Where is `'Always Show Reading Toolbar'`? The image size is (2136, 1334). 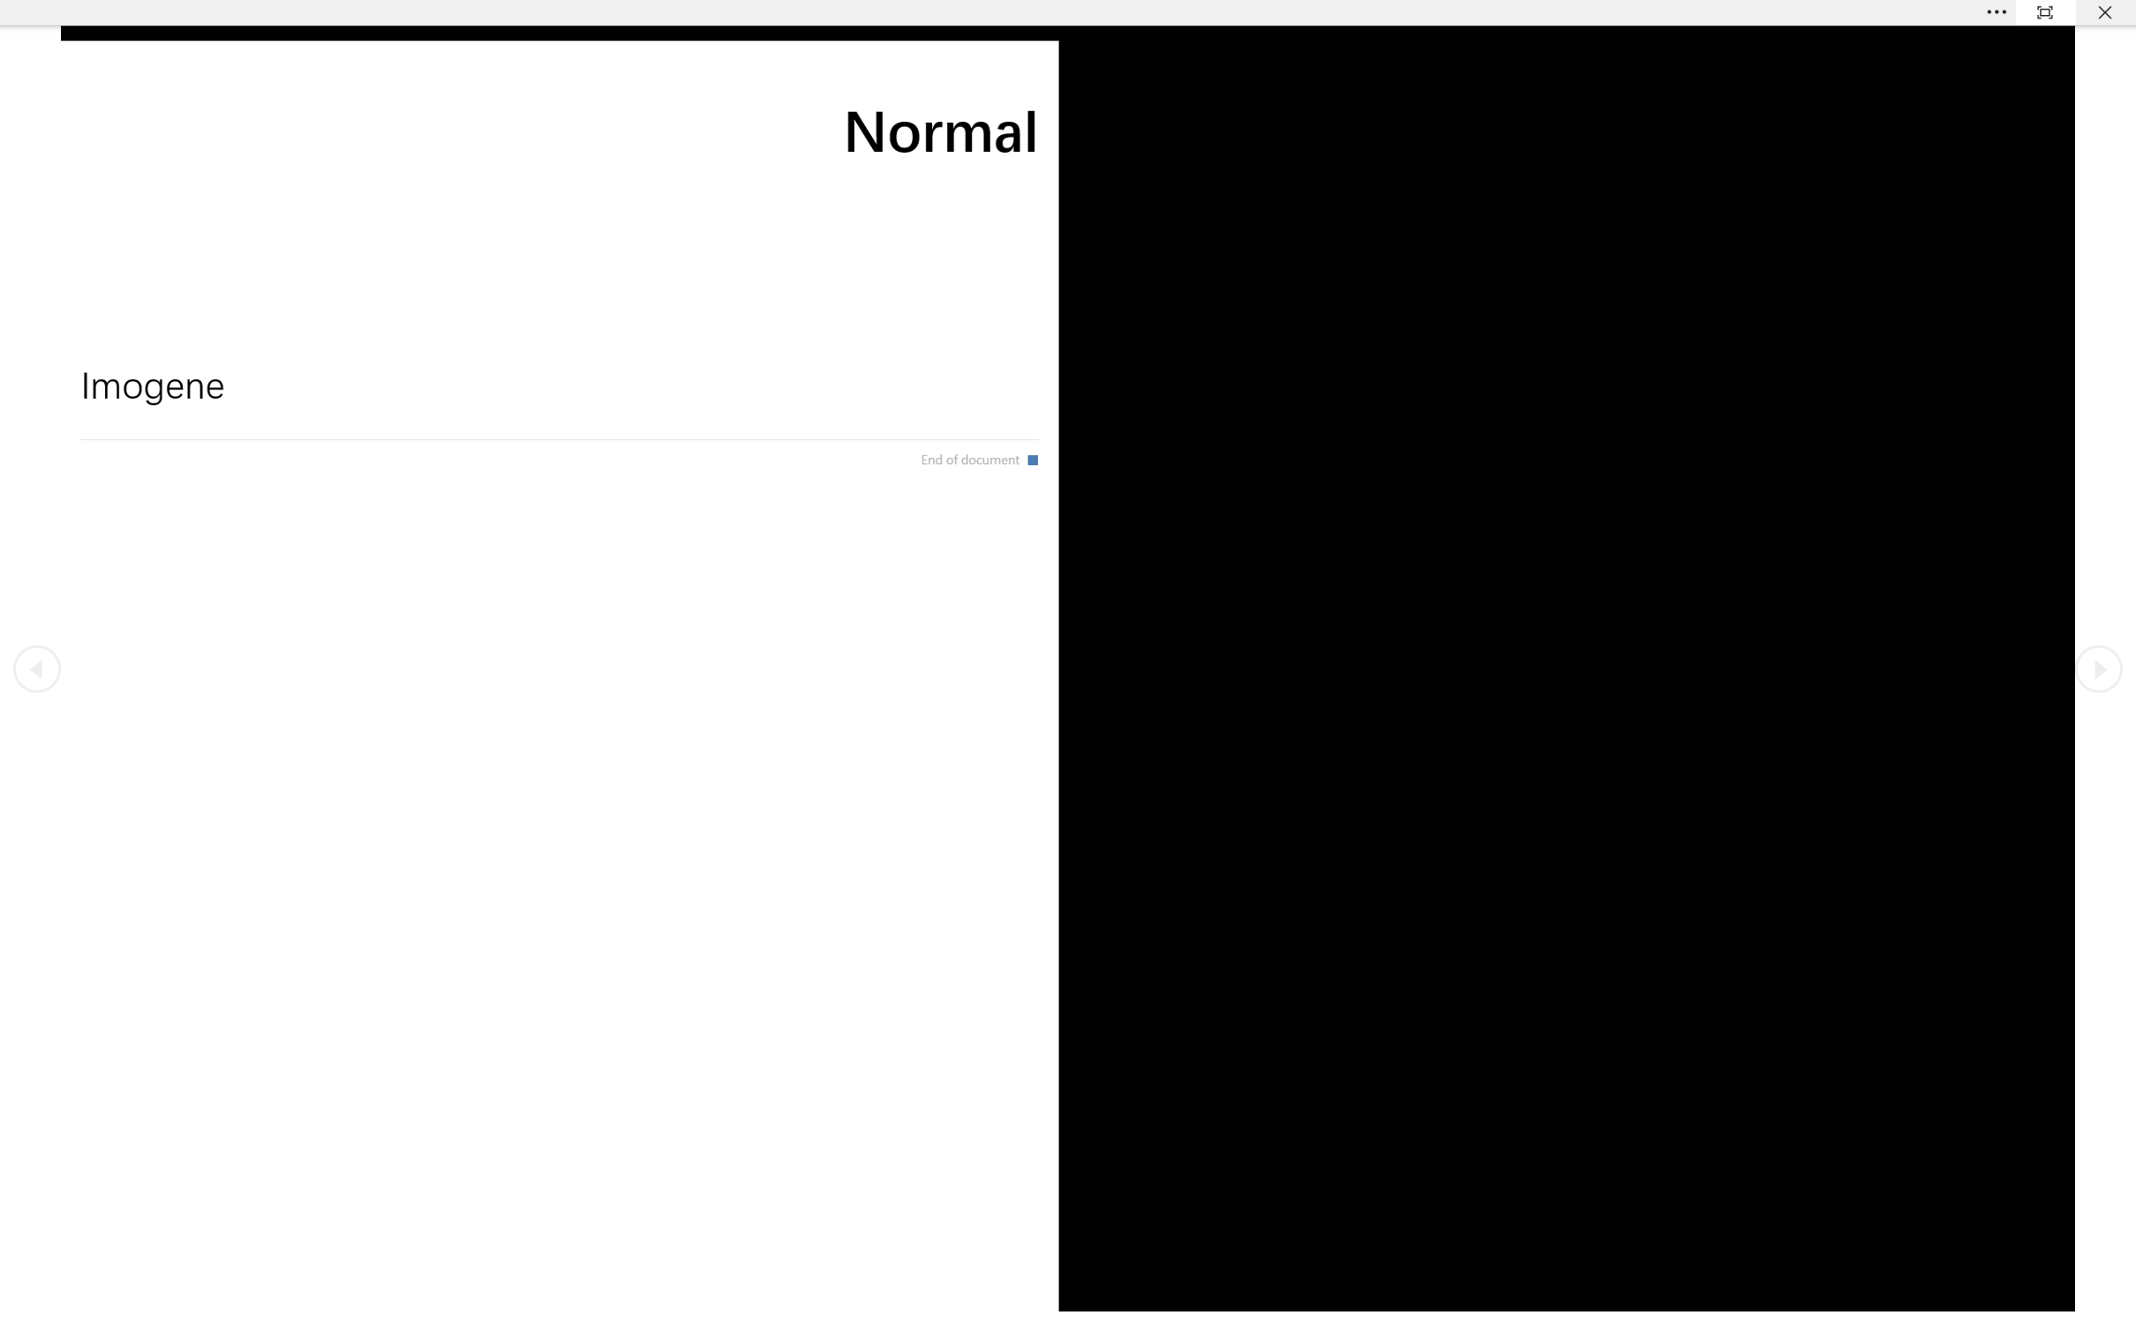
'Always Show Reading Toolbar' is located at coordinates (2046, 11).